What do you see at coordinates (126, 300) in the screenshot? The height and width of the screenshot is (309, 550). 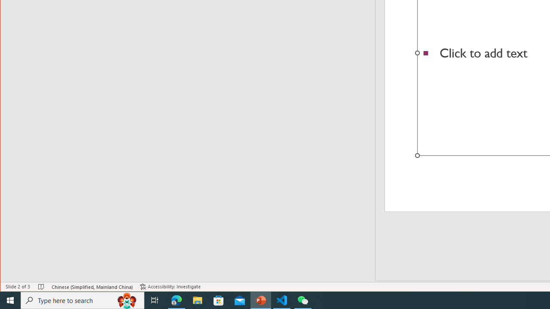 I see `'Search highlights icon opens search home window'` at bounding box center [126, 300].